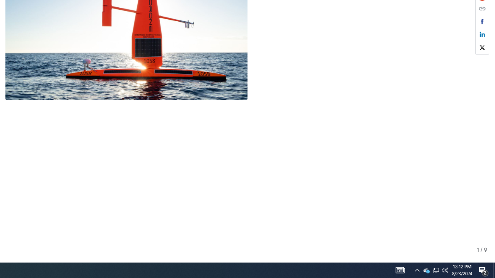 The height and width of the screenshot is (278, 495). Describe the element at coordinates (436, 270) in the screenshot. I see `'User Promoted Notification Area'` at that location.